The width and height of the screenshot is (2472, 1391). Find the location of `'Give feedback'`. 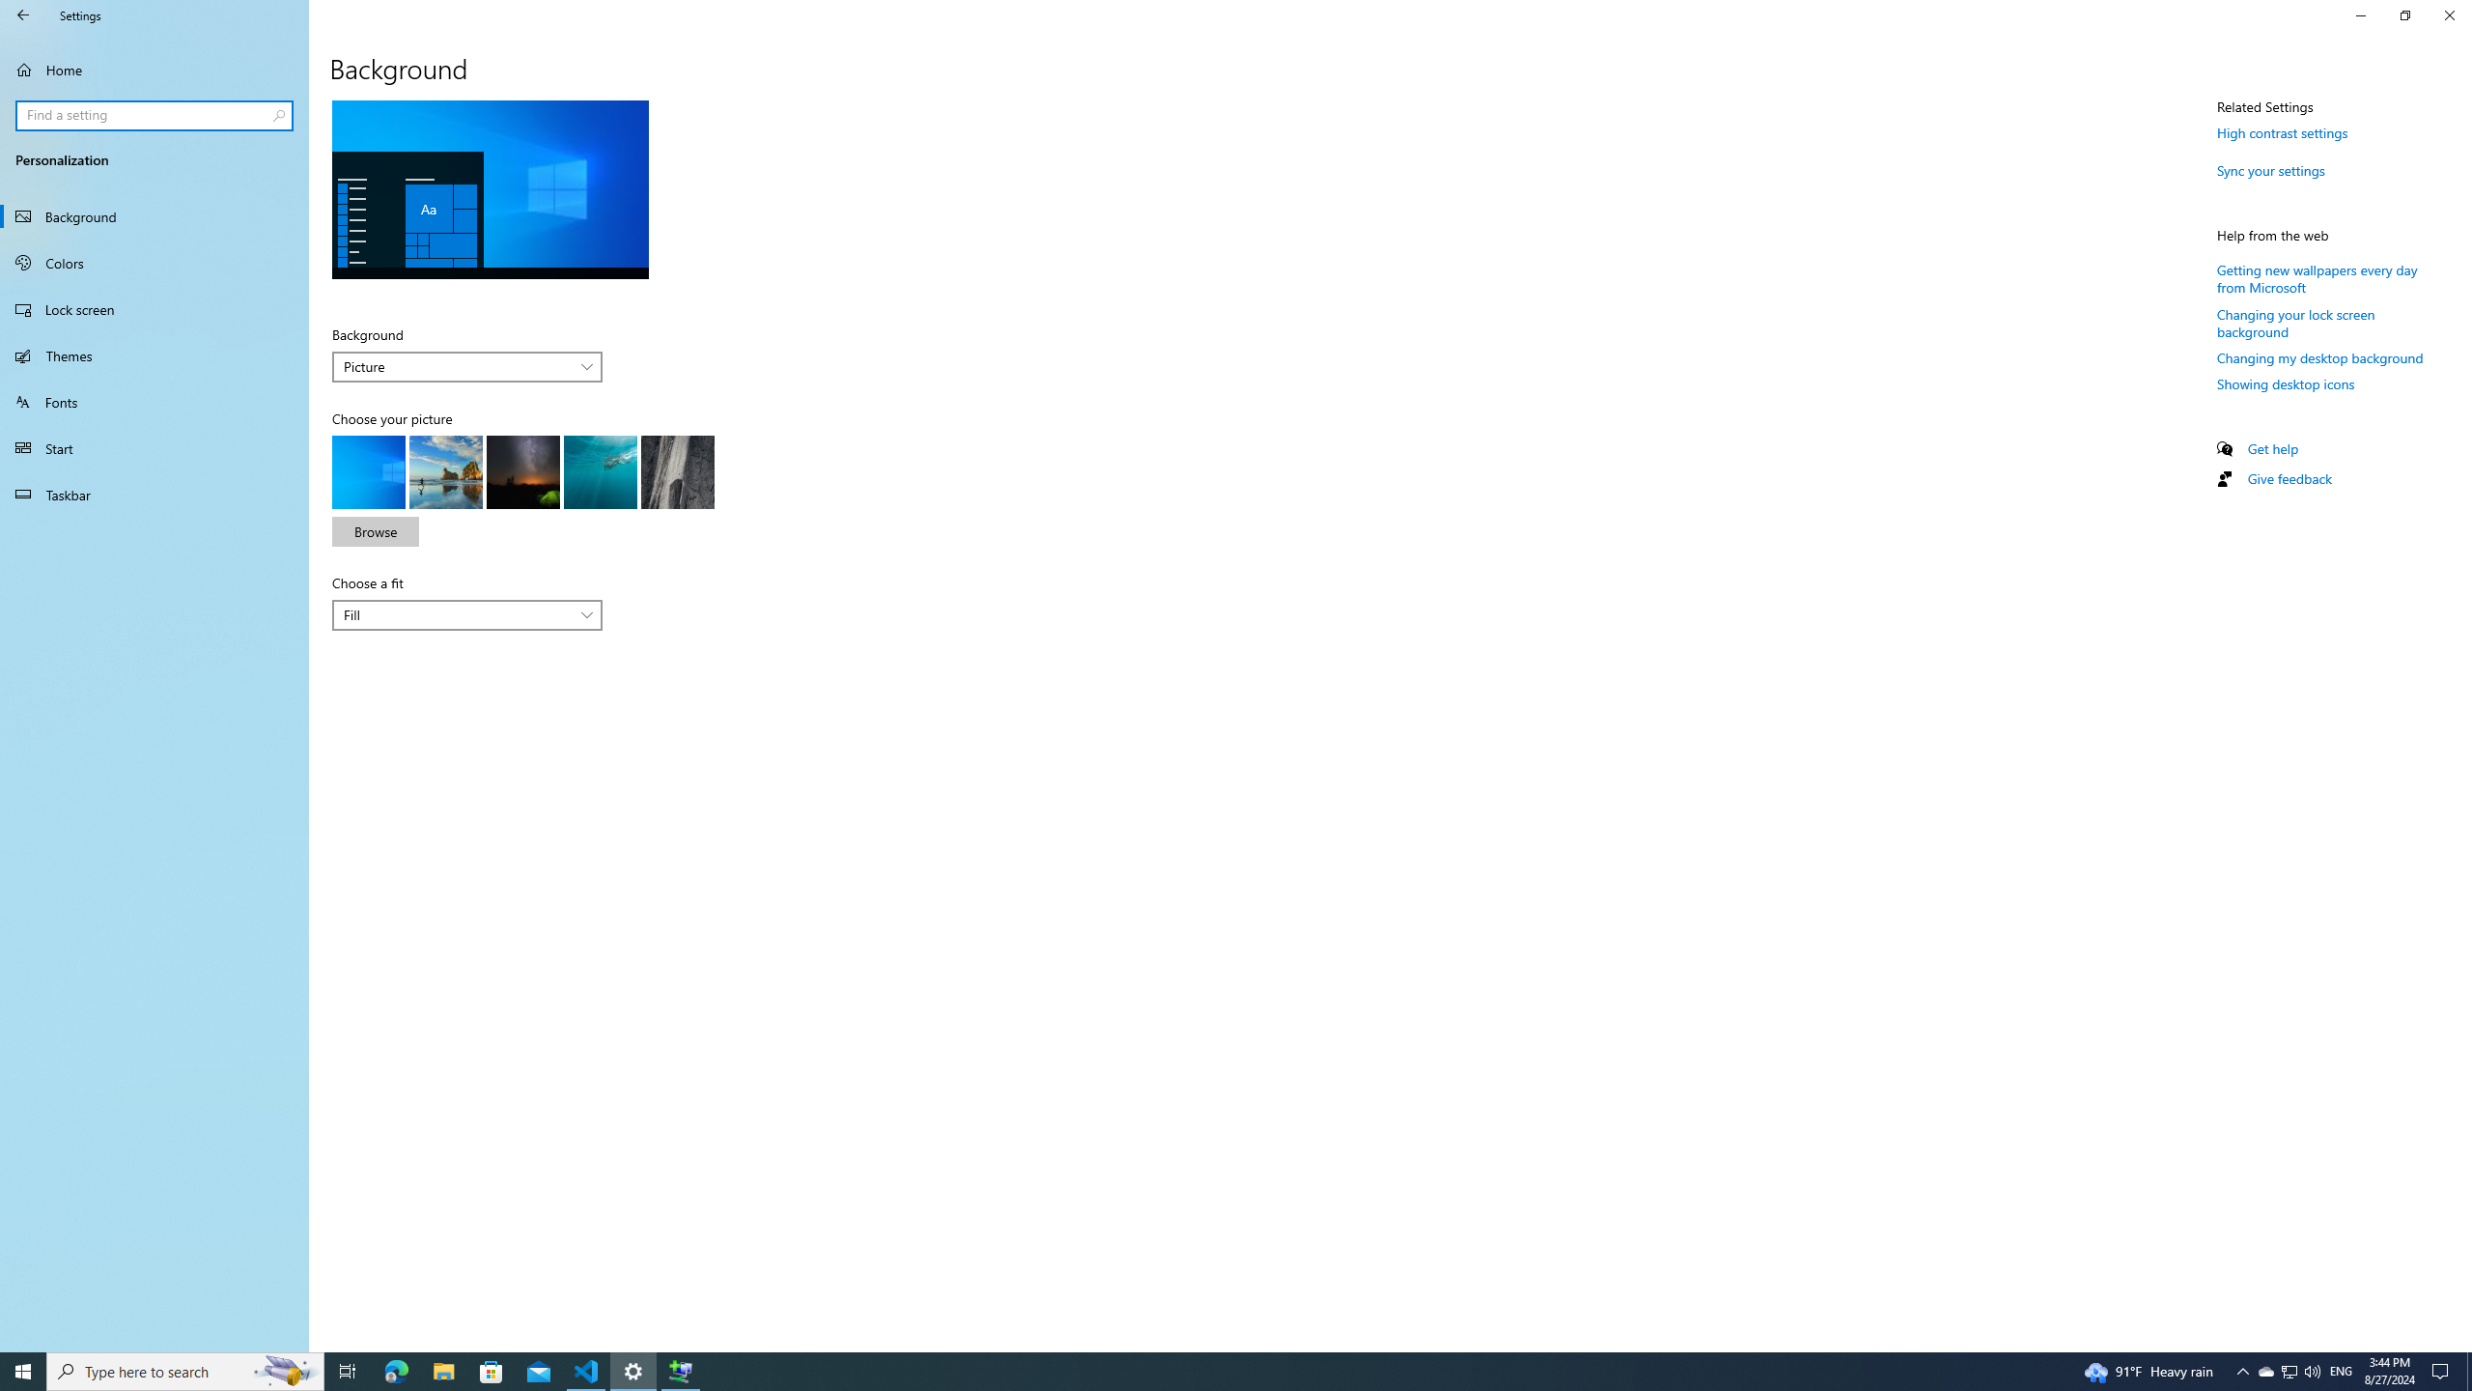

'Give feedback' is located at coordinates (2288, 478).